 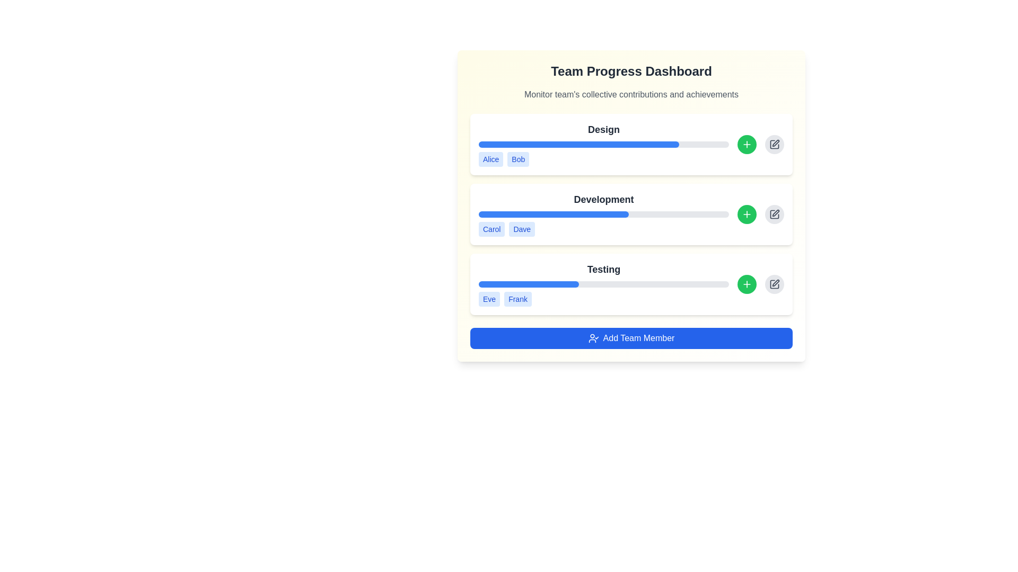 I want to click on the Button Icon located in the 'Development' row of the Team Progress Dashboard, so click(x=774, y=215).